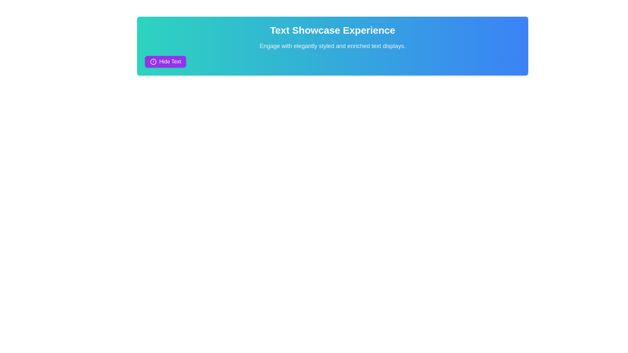 Image resolution: width=628 pixels, height=353 pixels. What do you see at coordinates (333, 46) in the screenshot?
I see `the Label/Text Display element that contains the text 'Engage with elegantly styled and enriched text displays.'` at bounding box center [333, 46].